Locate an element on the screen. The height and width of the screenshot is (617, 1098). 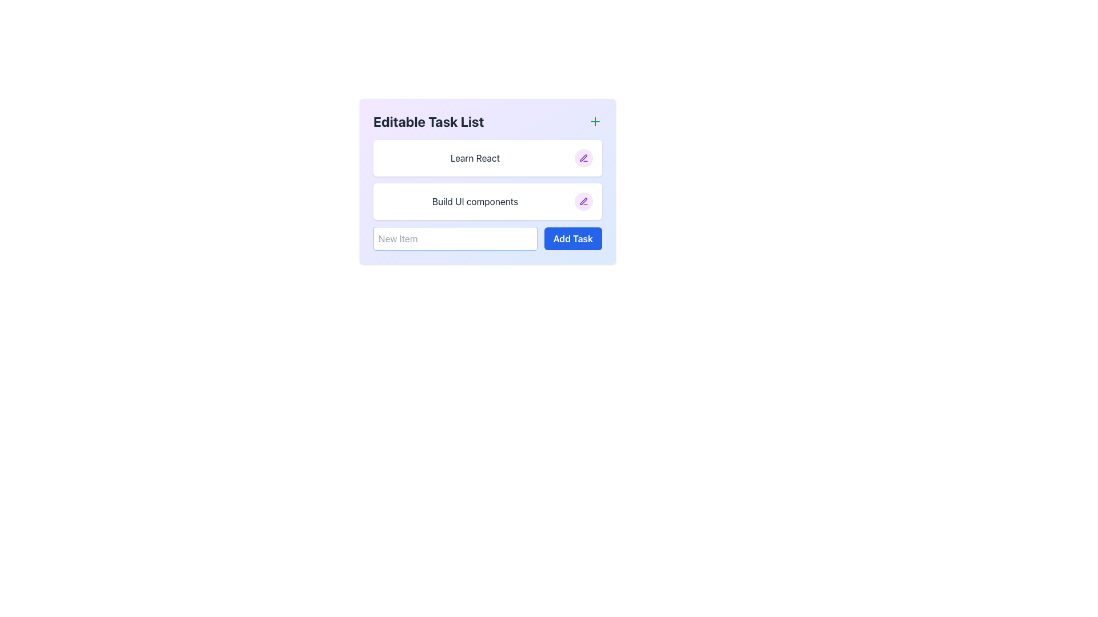
the 'Build UI components' text in the Task item card to focus for editing is located at coordinates (488, 201).